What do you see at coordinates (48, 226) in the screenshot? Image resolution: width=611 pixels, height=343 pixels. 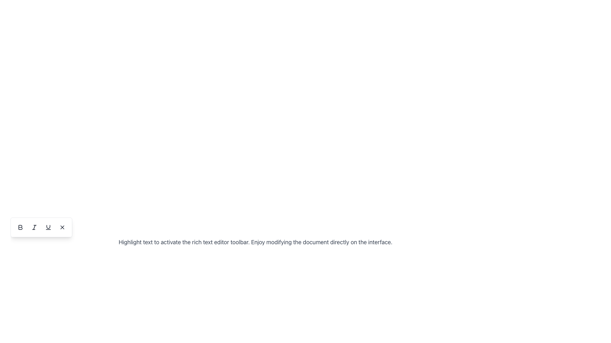 I see `the underline icon component located in the bottom-left corner of the toolbar` at bounding box center [48, 226].